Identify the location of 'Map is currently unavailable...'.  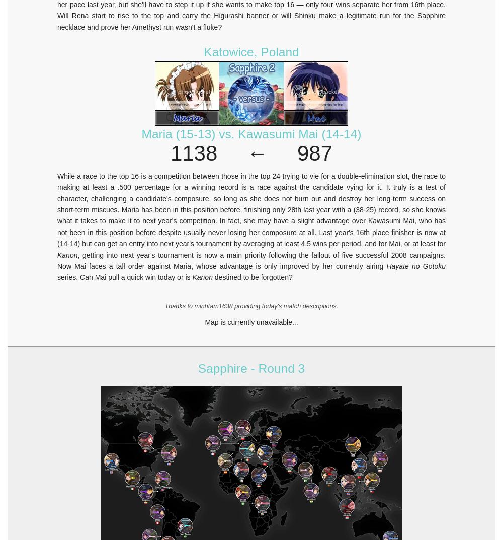
(250, 322).